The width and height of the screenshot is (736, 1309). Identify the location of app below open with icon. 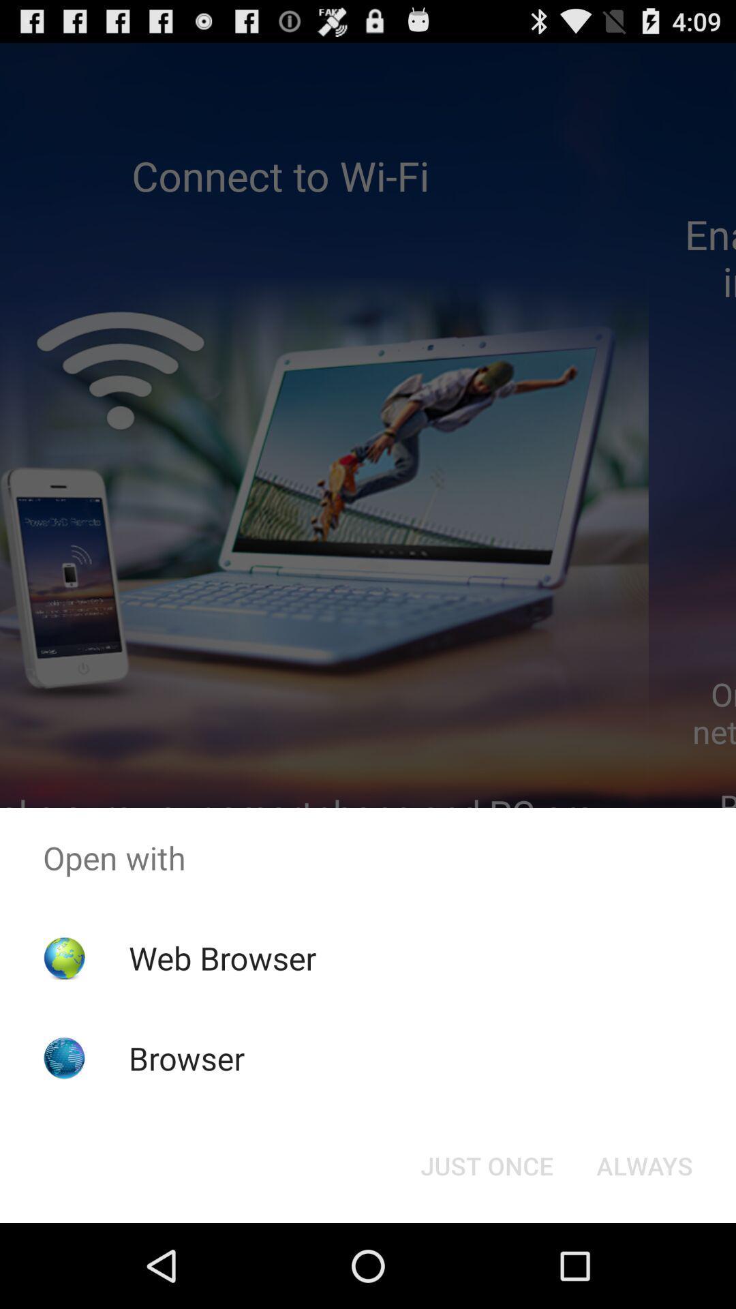
(486, 1164).